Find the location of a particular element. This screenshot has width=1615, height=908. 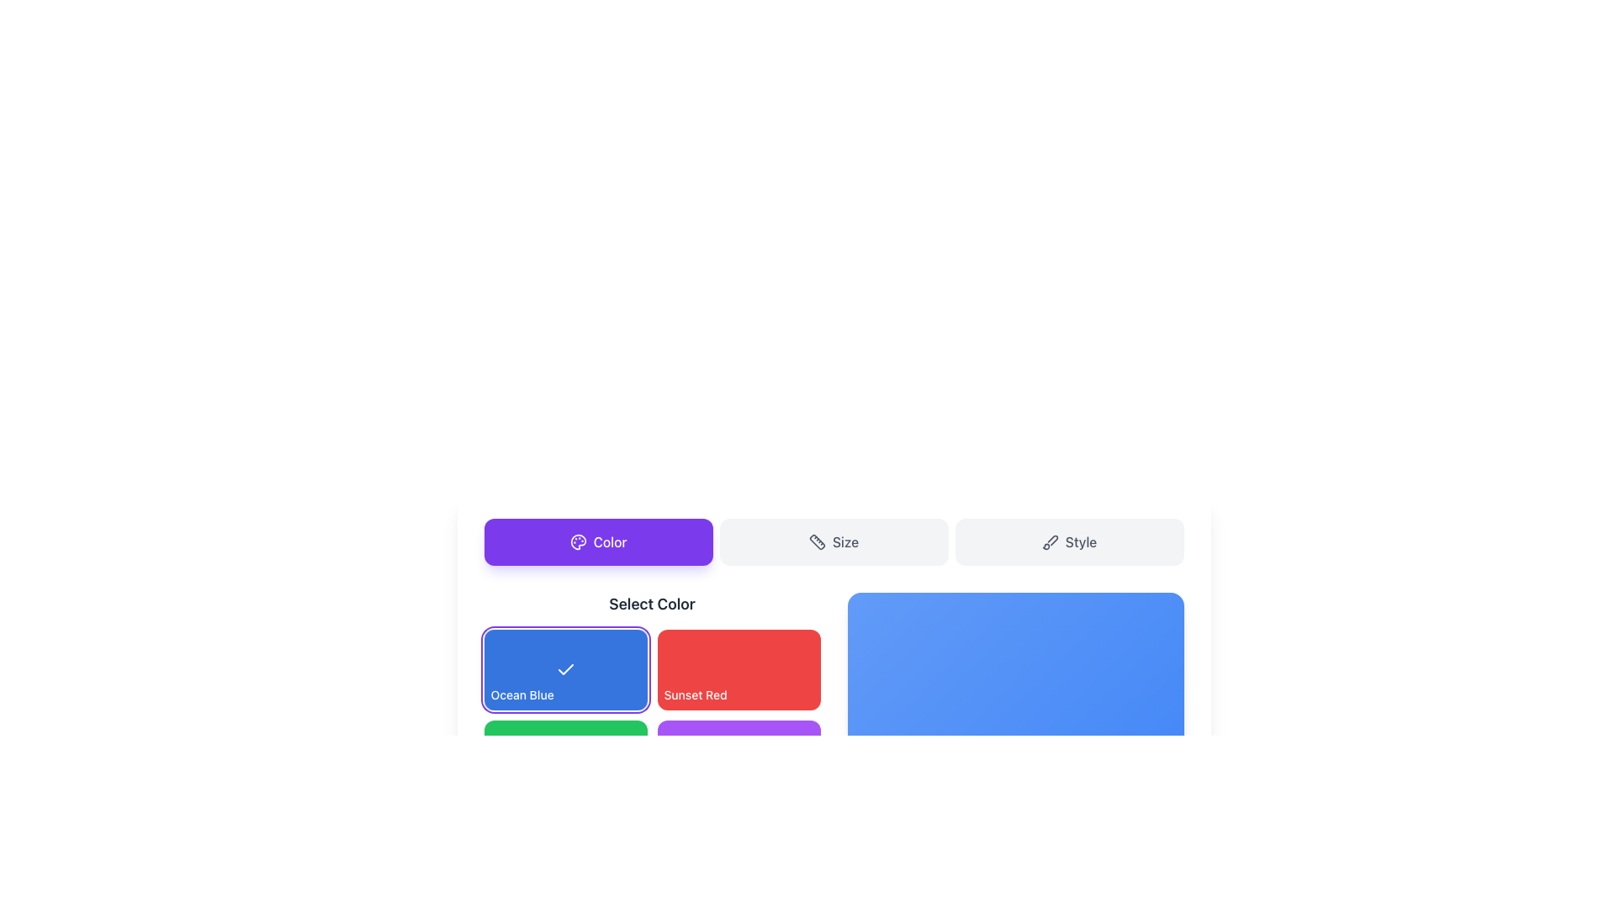

the SVG icon resembling a painter's palette, which is located within the purple 'Color' button is located at coordinates (578, 541).